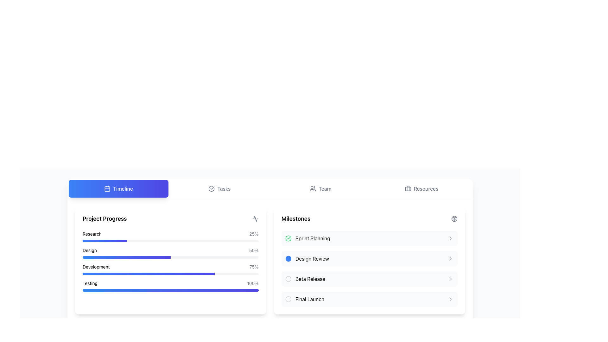  I want to click on to interact with the second milestone item in the 'Milestones' list, which includes milestone names and status icons, so click(369, 269).